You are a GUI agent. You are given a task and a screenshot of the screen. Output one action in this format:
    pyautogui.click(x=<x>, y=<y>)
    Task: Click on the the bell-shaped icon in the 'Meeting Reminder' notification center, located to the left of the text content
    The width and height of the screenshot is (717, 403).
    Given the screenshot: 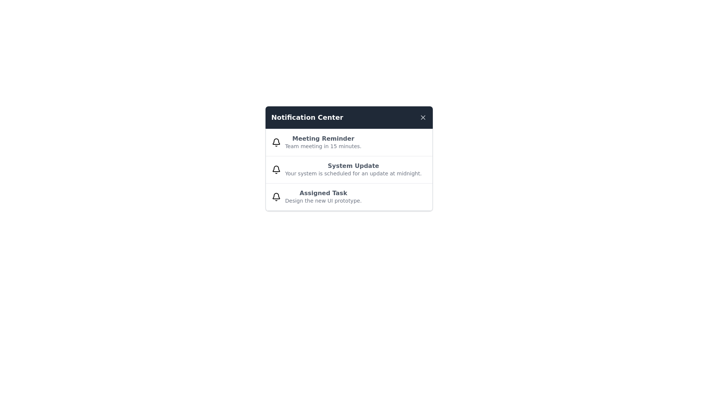 What is the action you would take?
    pyautogui.click(x=276, y=142)
    